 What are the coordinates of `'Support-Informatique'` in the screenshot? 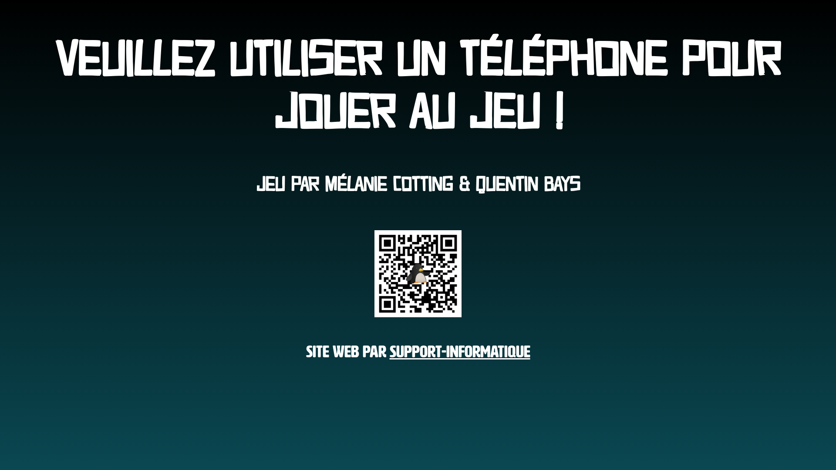 It's located at (459, 349).